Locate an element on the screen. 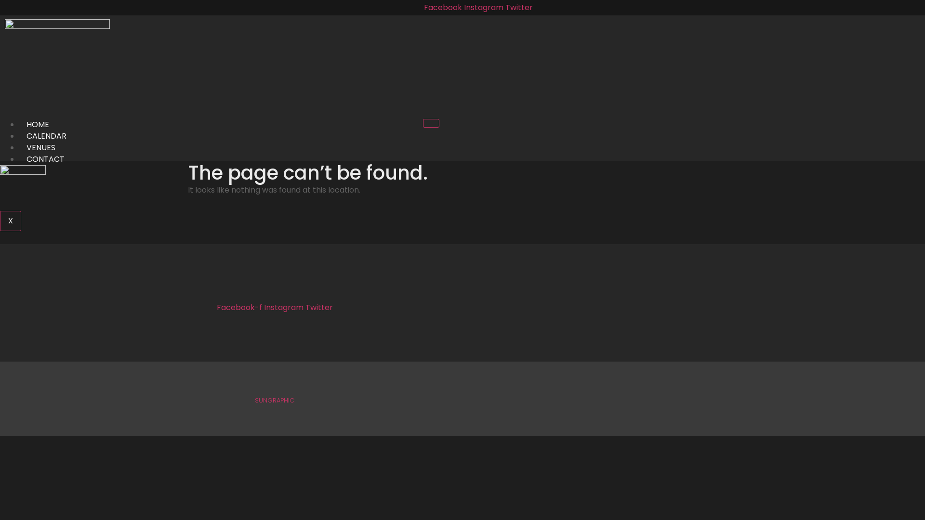  'Instagram' is located at coordinates (485, 7).